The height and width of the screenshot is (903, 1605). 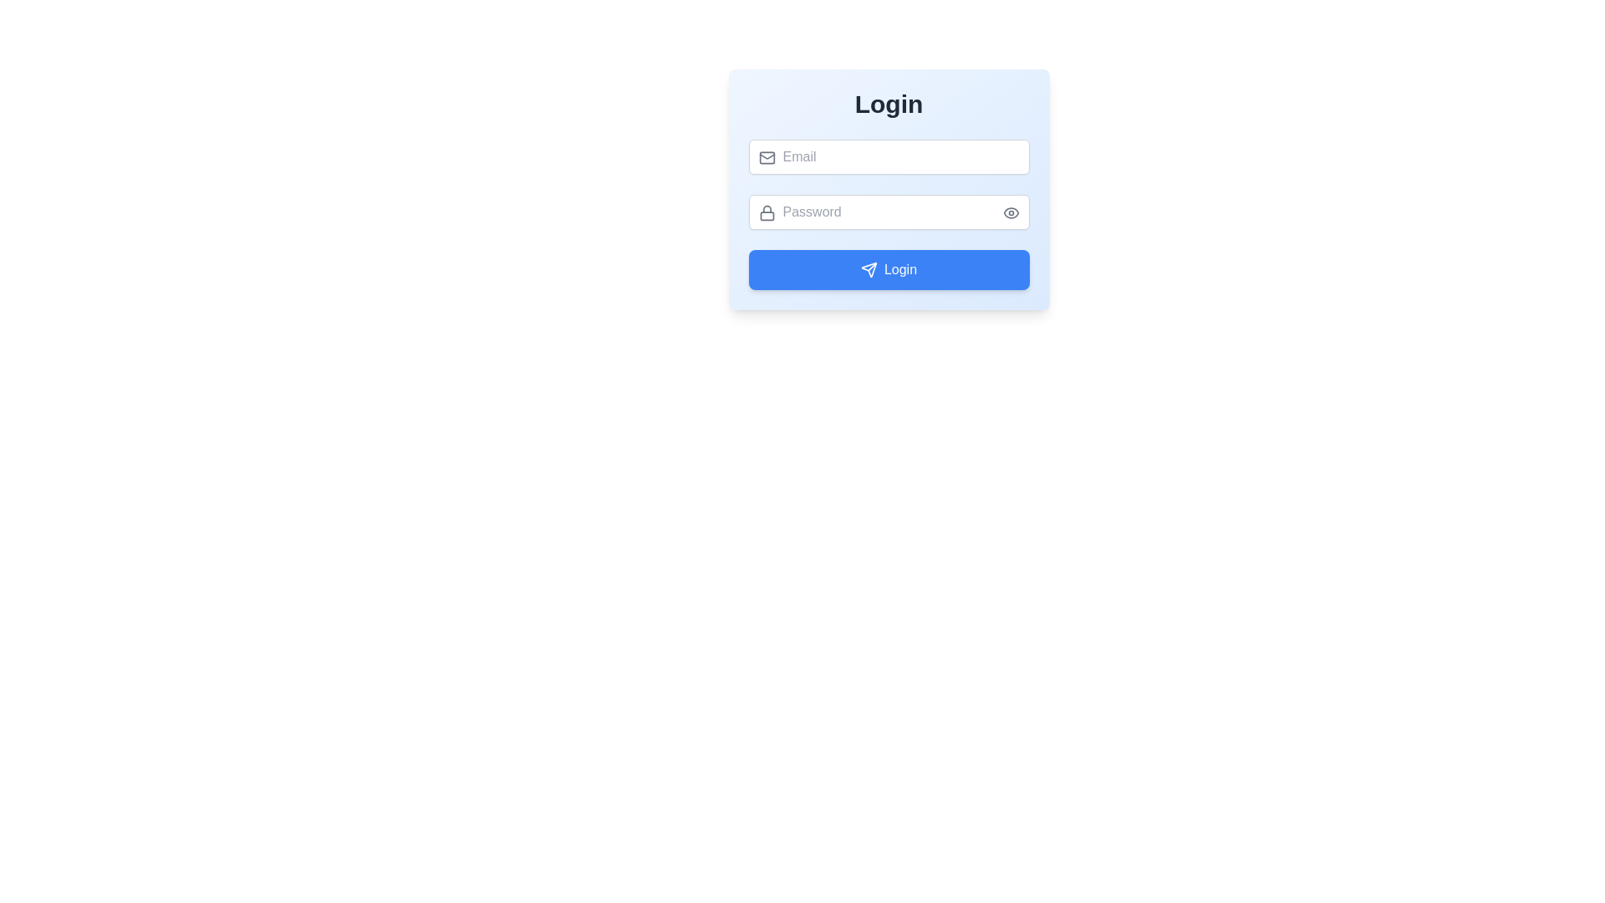 What do you see at coordinates (1010, 212) in the screenshot?
I see `the icon button located on the right side of the password input field in the login form` at bounding box center [1010, 212].